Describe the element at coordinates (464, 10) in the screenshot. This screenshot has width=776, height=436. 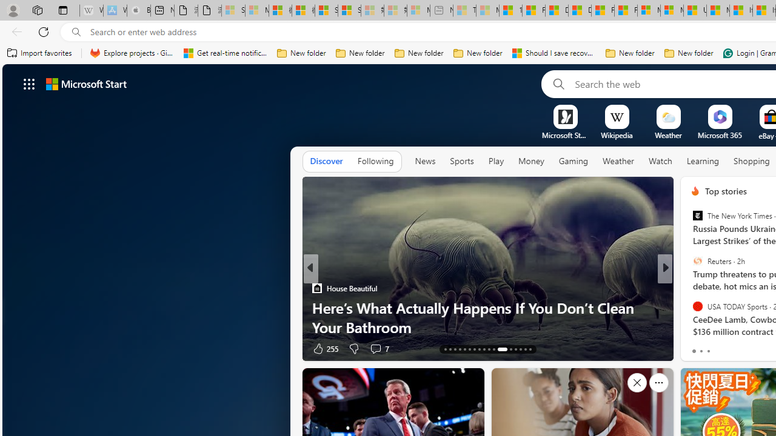
I see `'Top Stories - MSN - Sleeping'` at that location.